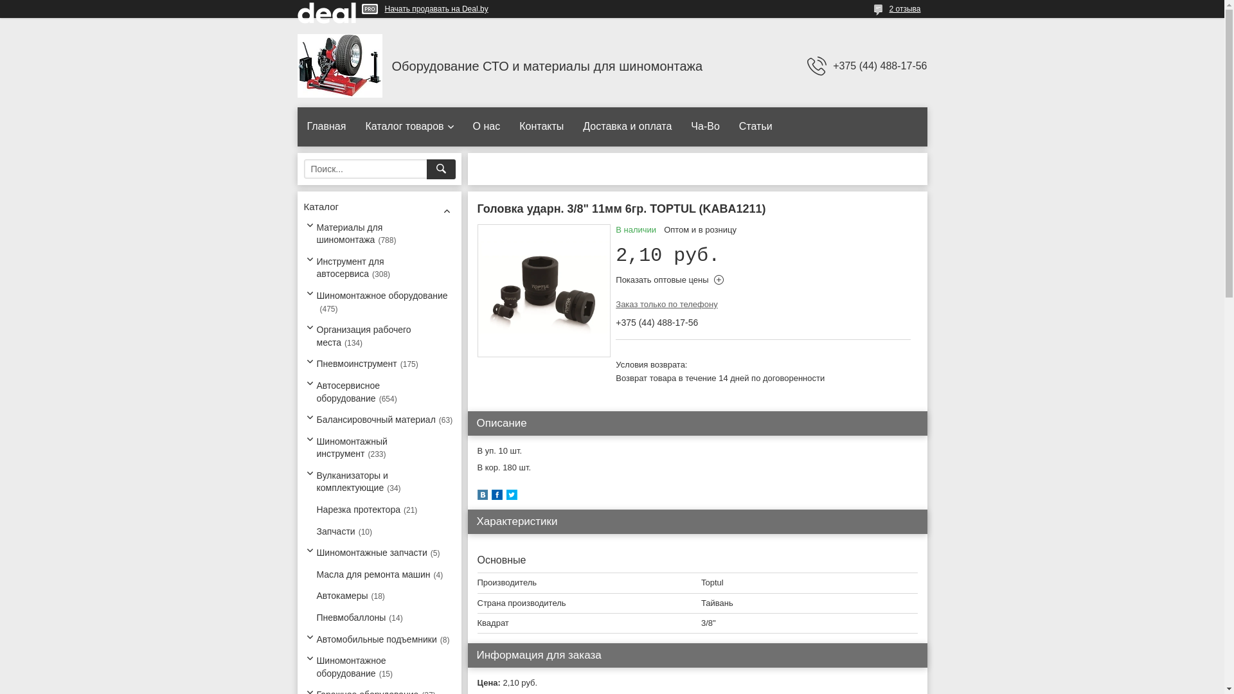 Image resolution: width=1234 pixels, height=694 pixels. What do you see at coordinates (511, 496) in the screenshot?
I see `'twitter'` at bounding box center [511, 496].